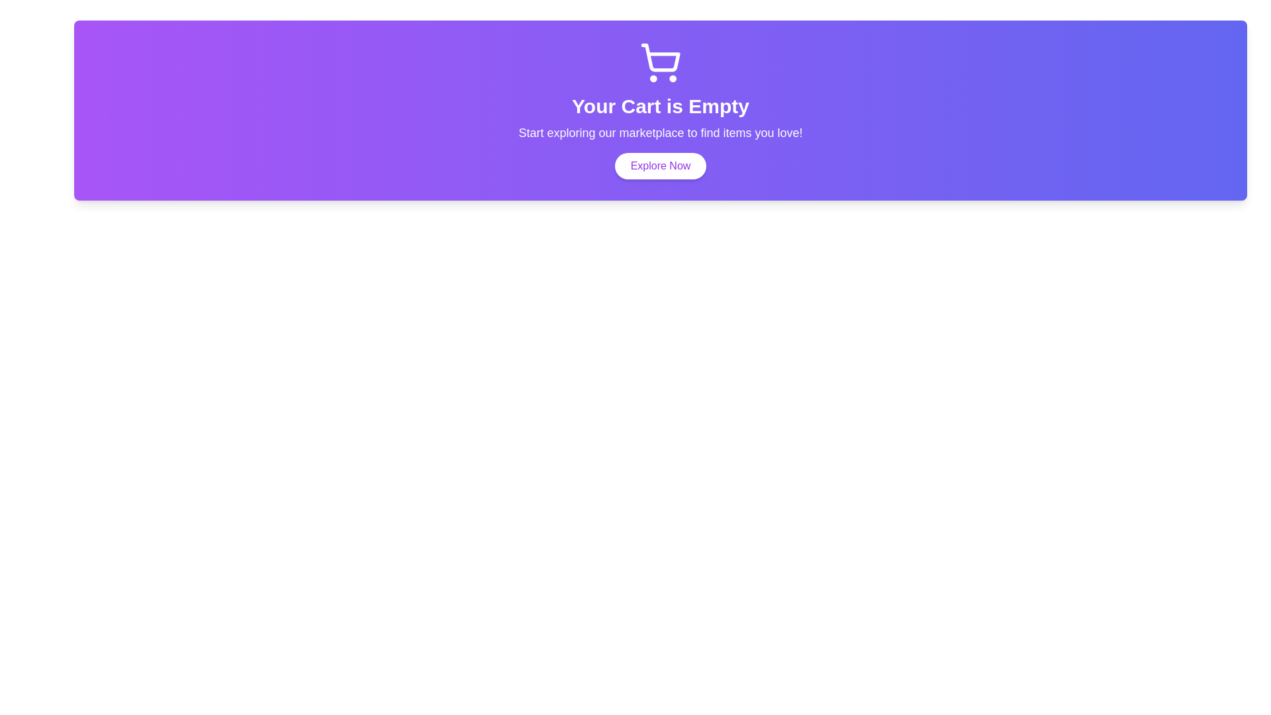 The height and width of the screenshot is (715, 1271). What do you see at coordinates (661, 106) in the screenshot?
I see `the 'Your Cart is Empty' label, which is displayed in a large, bold font with white text on a purple gradient background, located below the shopping cart icon` at bounding box center [661, 106].